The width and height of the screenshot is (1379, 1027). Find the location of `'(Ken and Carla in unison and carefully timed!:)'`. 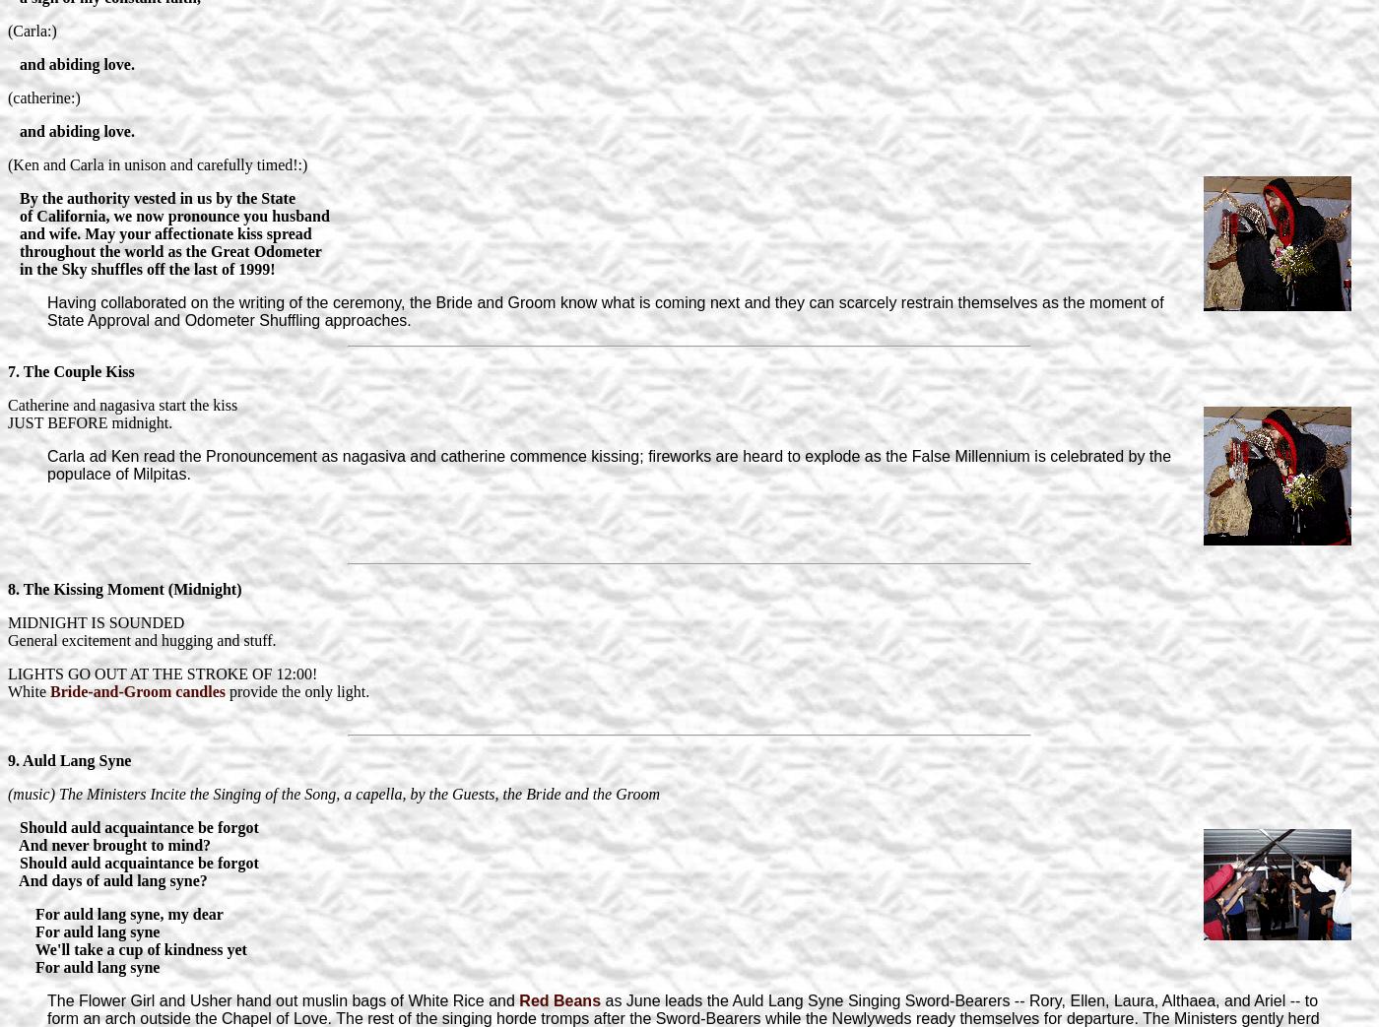

'(Ken and Carla in unison and carefully timed!:)' is located at coordinates (158, 162).